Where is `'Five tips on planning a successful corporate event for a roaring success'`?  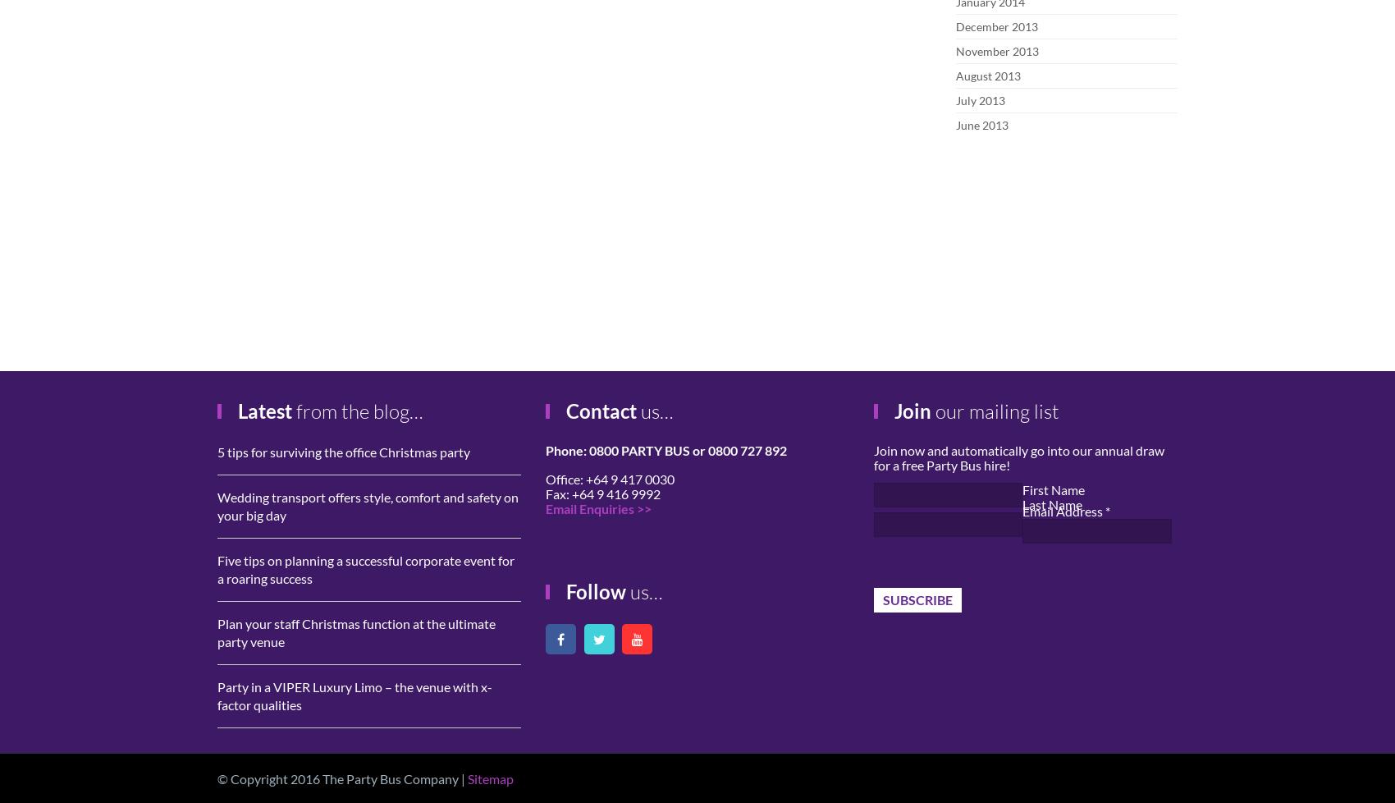 'Five tips on planning a successful corporate event for a roaring success' is located at coordinates (366, 569).